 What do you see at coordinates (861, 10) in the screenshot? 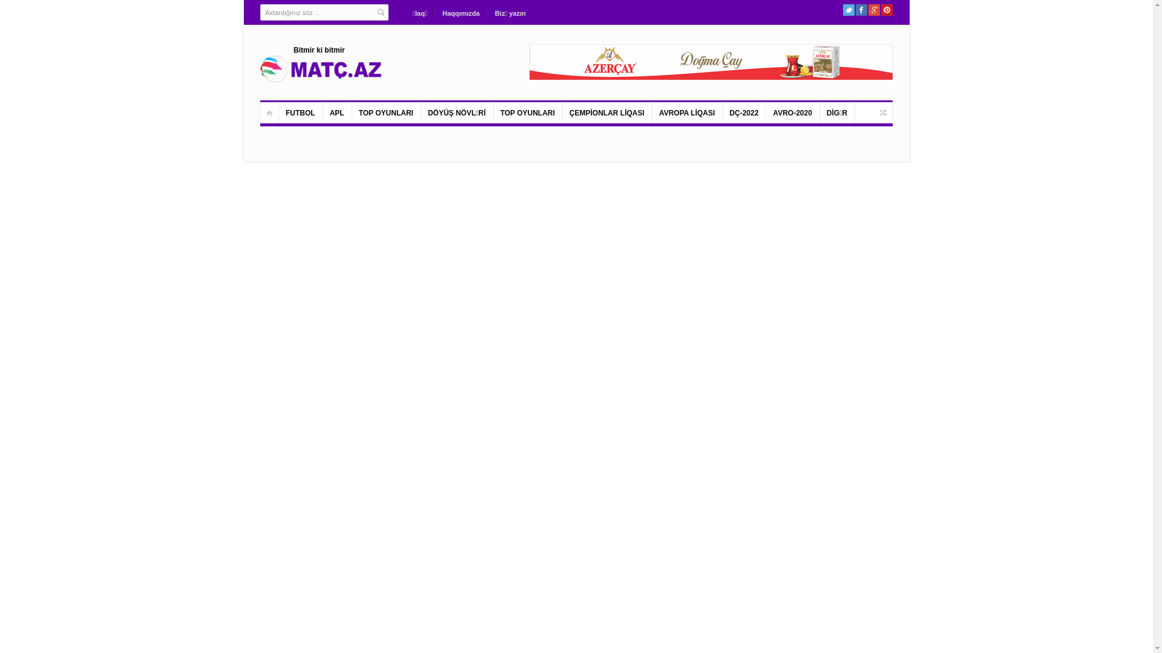
I see `'Facebook'` at bounding box center [861, 10].